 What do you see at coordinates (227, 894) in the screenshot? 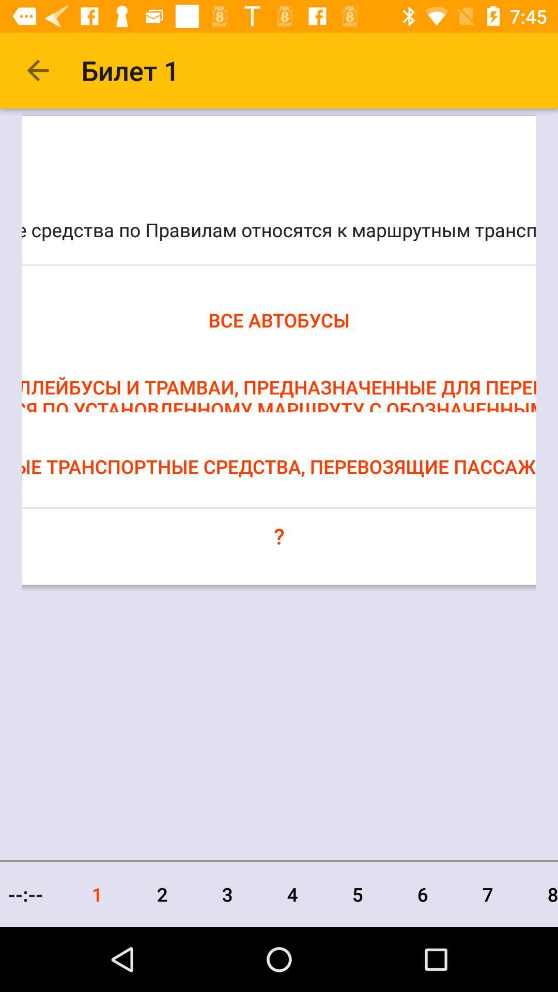
I see `the icon next to 4` at bounding box center [227, 894].